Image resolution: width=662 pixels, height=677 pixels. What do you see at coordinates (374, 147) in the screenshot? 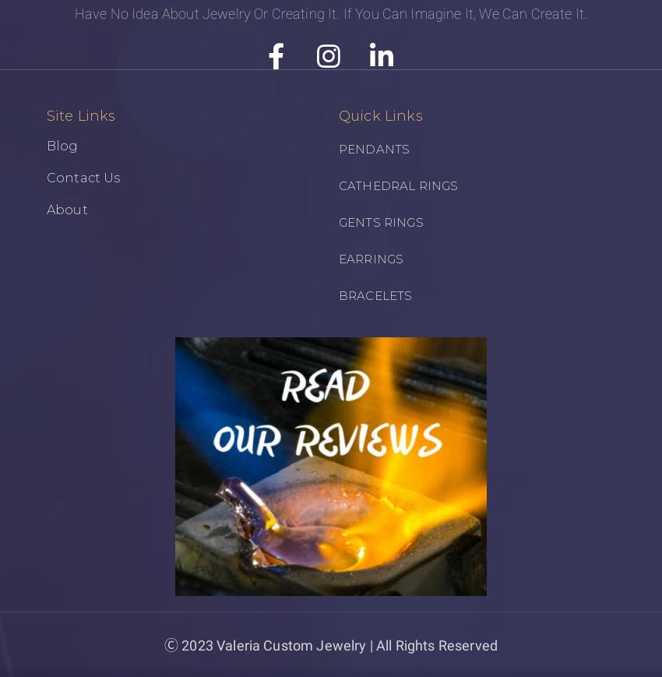
I see `'PENDANTS'` at bounding box center [374, 147].